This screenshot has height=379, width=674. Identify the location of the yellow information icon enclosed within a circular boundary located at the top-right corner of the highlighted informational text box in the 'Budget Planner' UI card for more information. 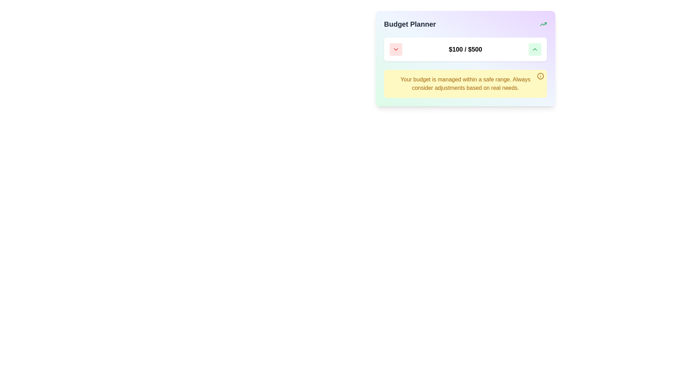
(540, 76).